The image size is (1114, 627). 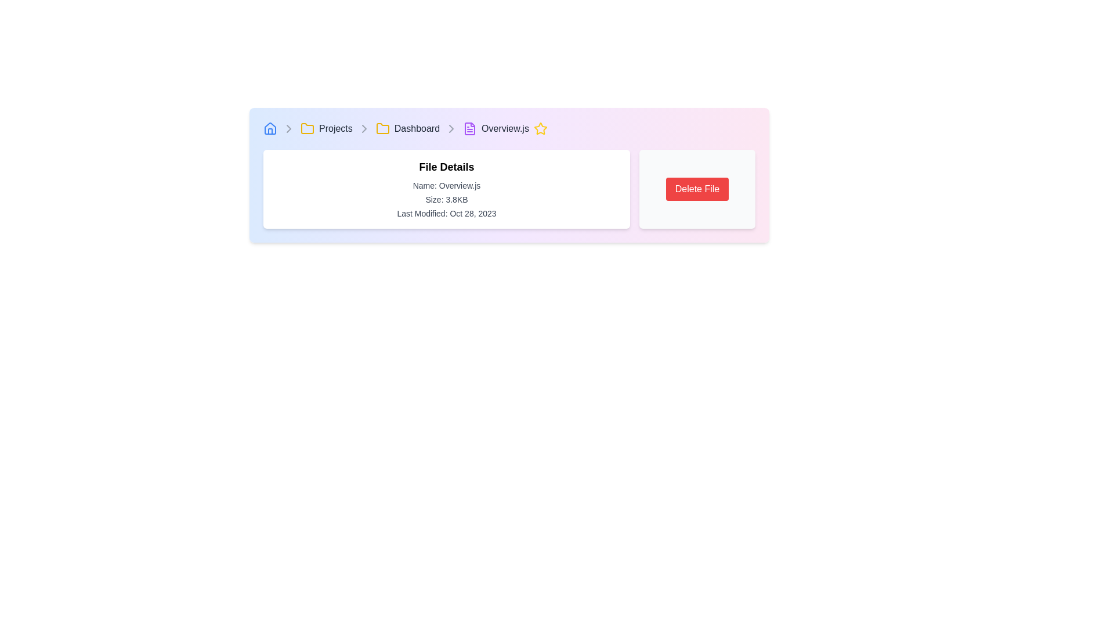 What do you see at coordinates (269, 129) in the screenshot?
I see `the home page icon located at the beginning of the breadcrumb navigation bar for easy navigation` at bounding box center [269, 129].